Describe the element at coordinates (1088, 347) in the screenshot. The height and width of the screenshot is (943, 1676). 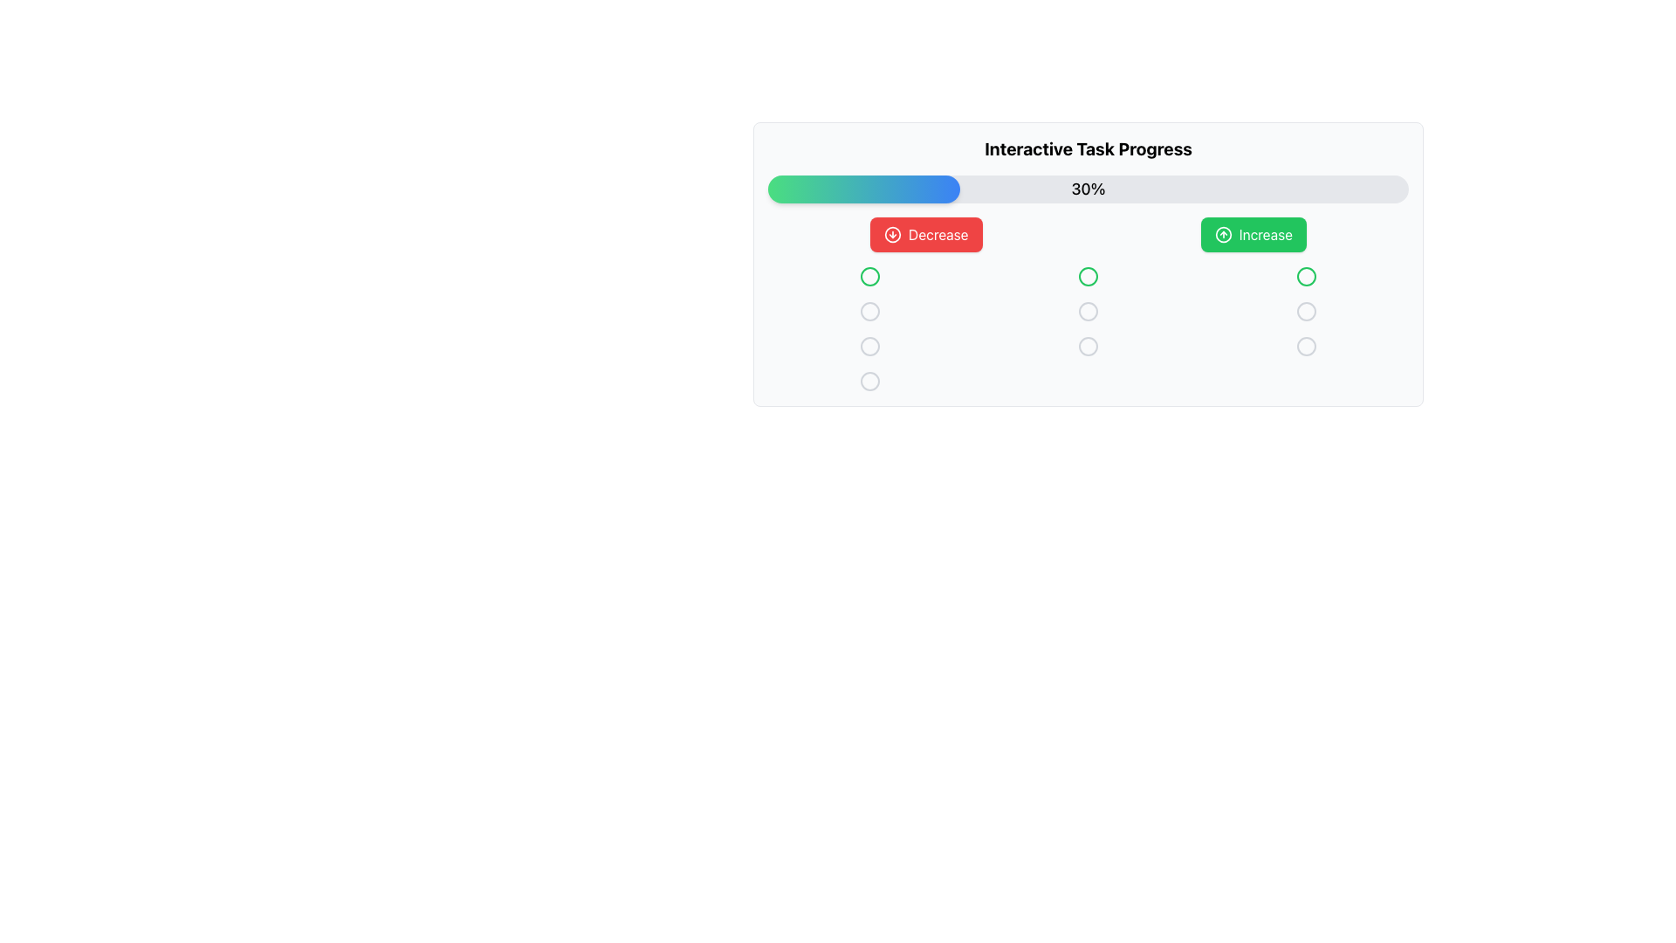
I see `the third circle in the middle column of the interface, positioned under the progress bar and between the 'Decrease' and 'Increase' buttons` at that location.